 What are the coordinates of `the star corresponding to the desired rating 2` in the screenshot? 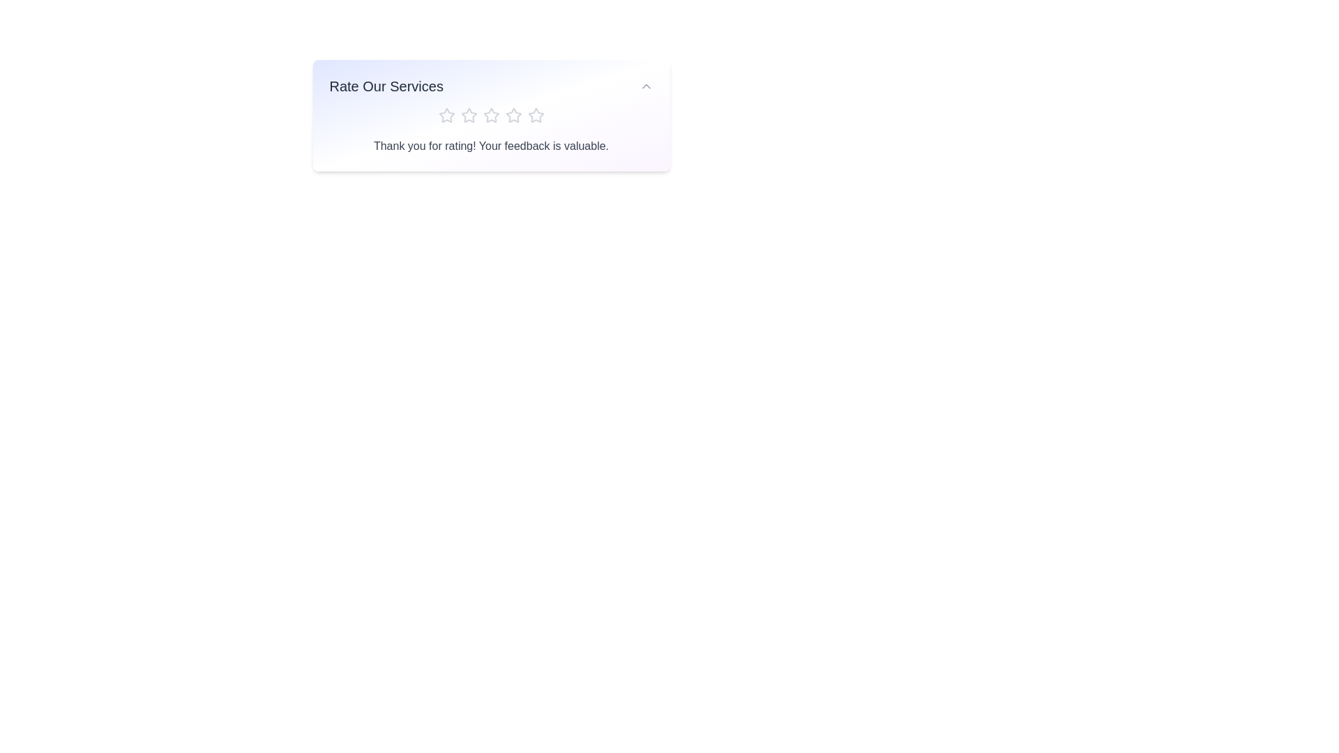 It's located at (469, 114).